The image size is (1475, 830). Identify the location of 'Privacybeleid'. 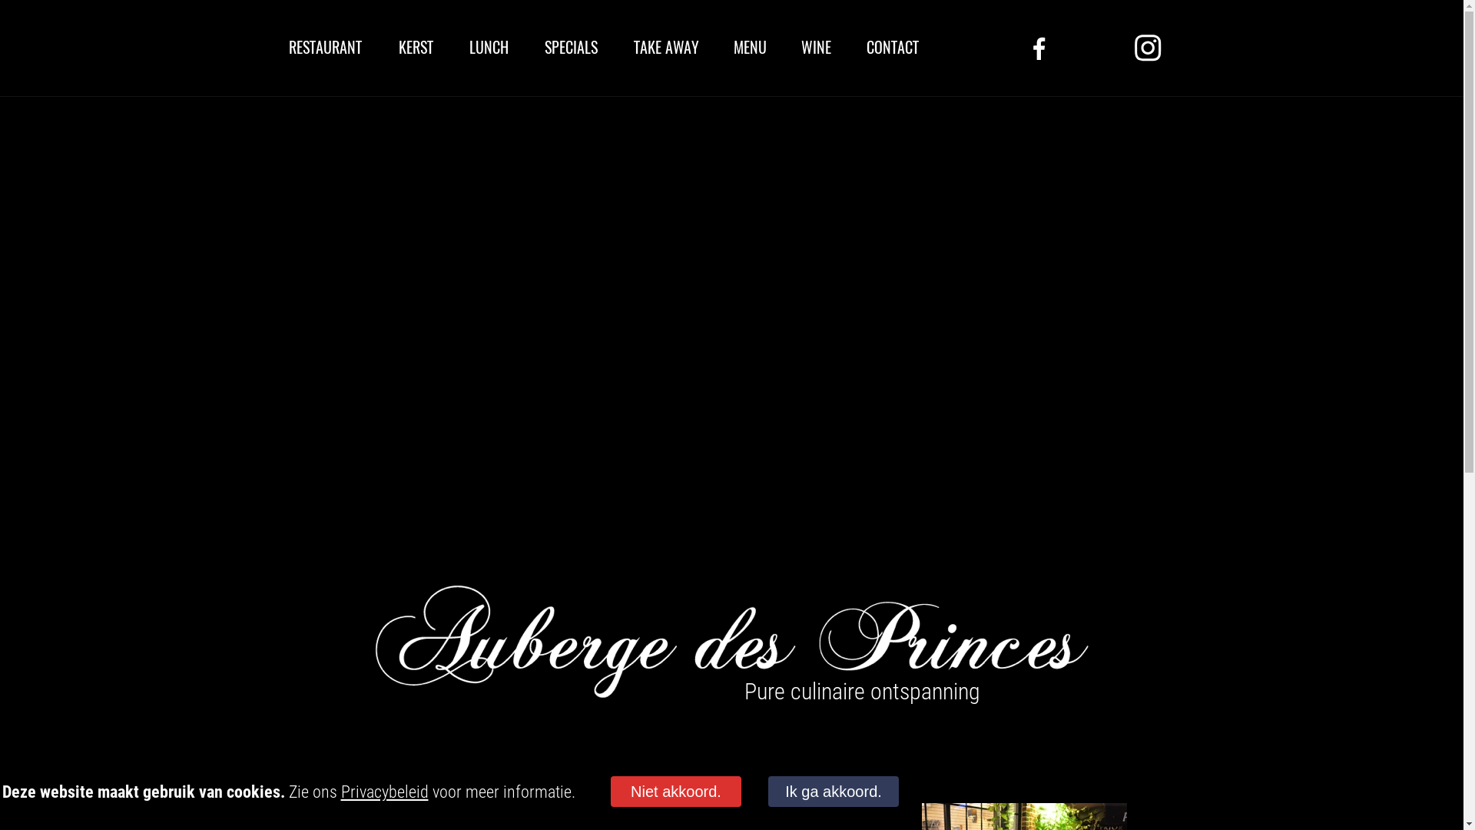
(384, 792).